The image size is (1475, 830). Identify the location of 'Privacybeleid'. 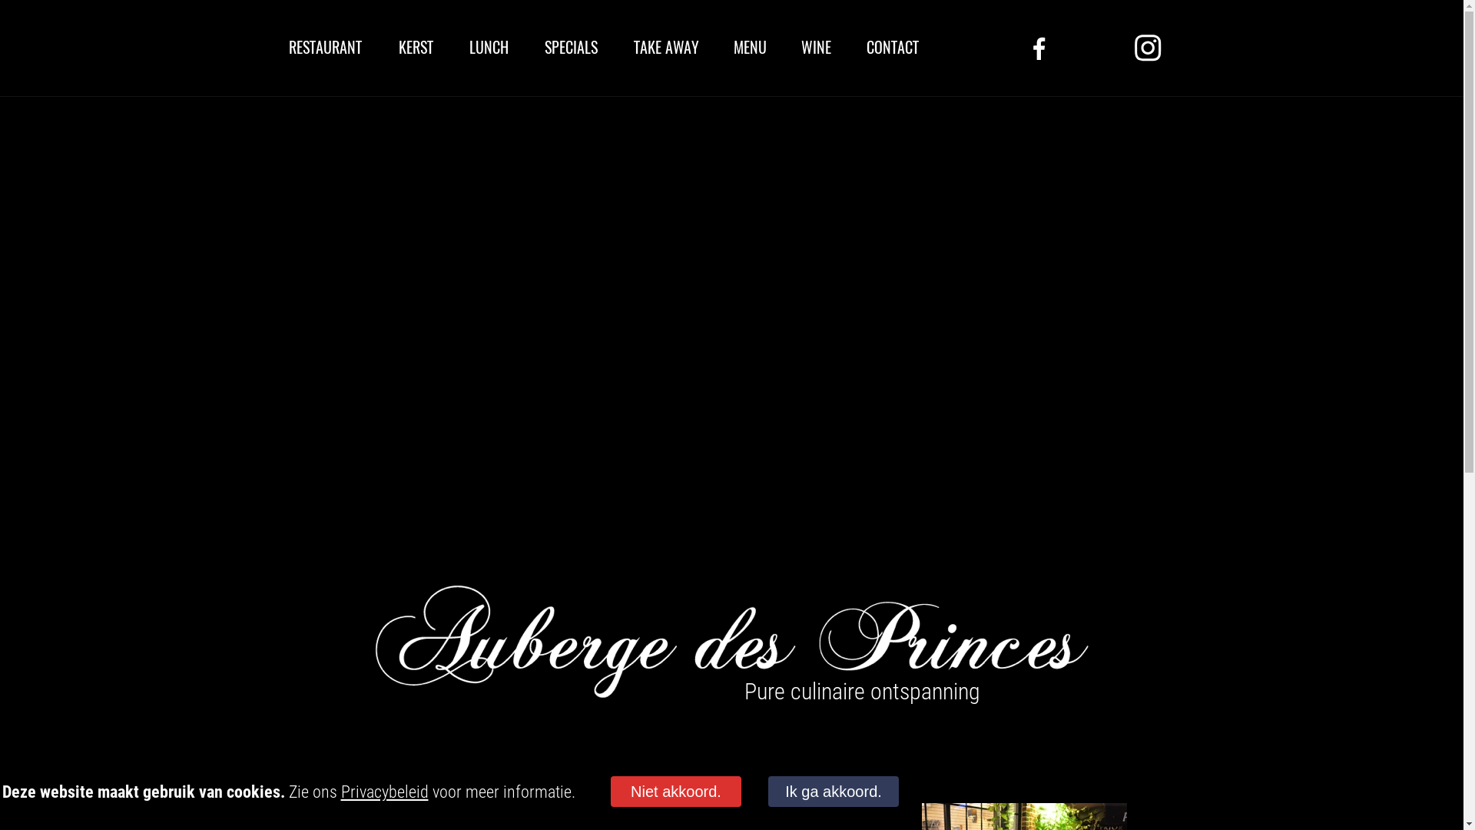
(384, 792).